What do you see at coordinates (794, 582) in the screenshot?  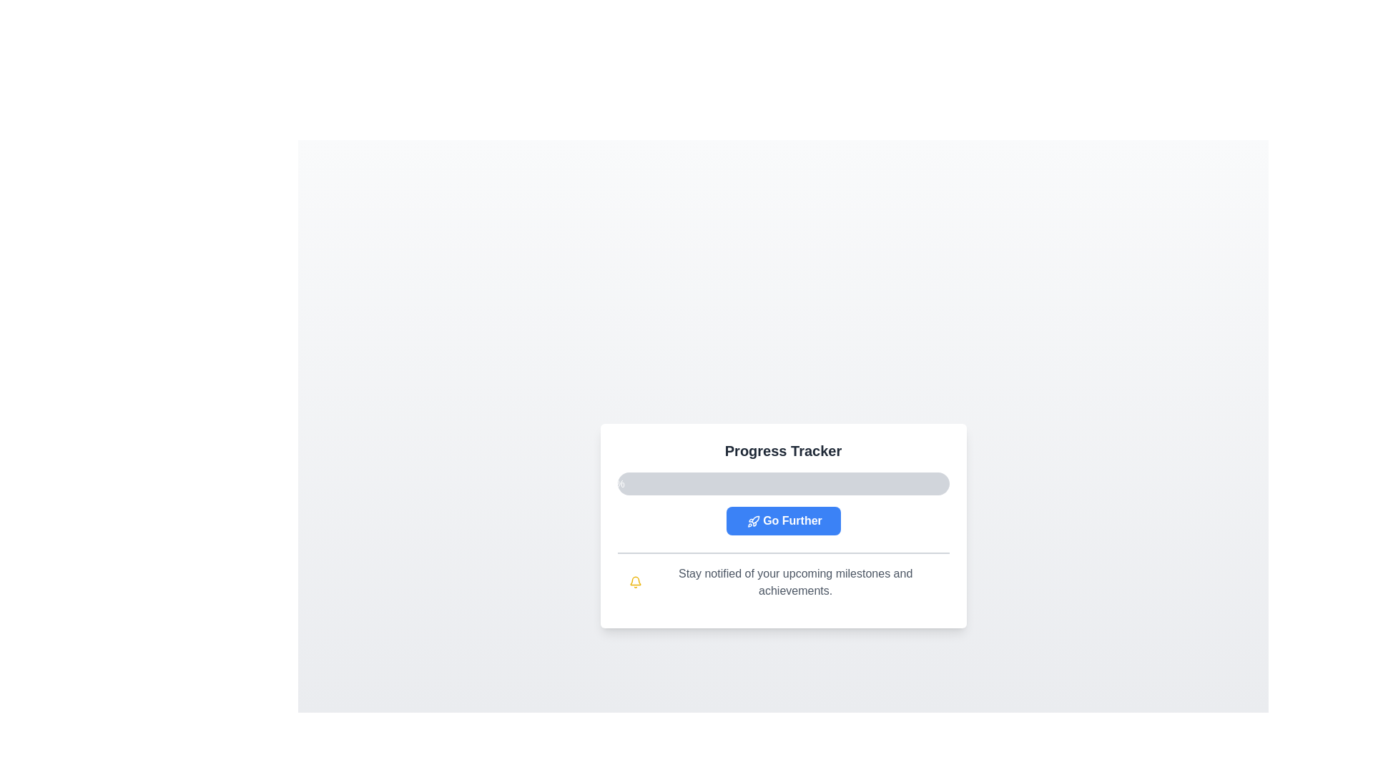 I see `the text label displaying the message, 'Stay notified of your upcoming milestones and achievements,' which is aligned left in gray font next to a yellow bell icon` at bounding box center [794, 582].